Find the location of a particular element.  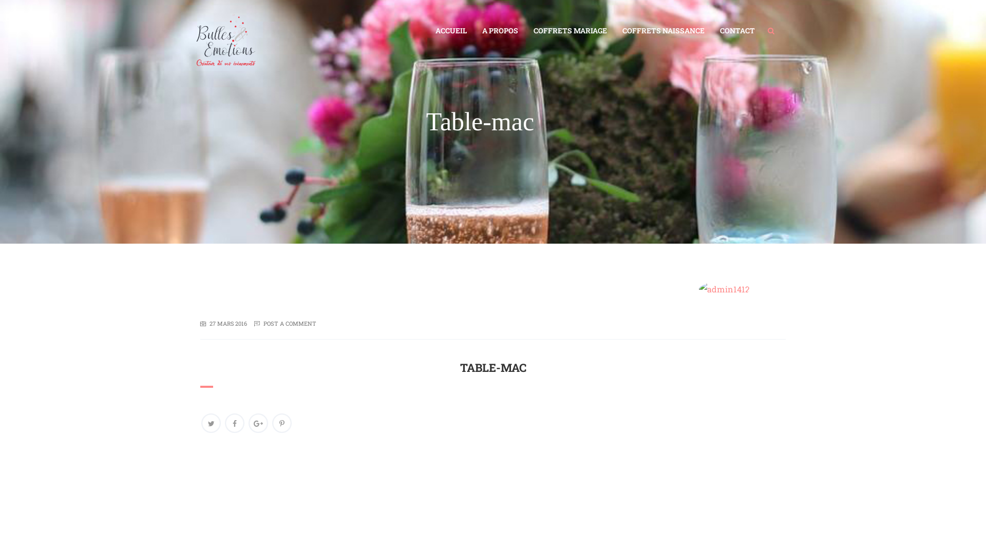

'Facebook' is located at coordinates (234, 423).